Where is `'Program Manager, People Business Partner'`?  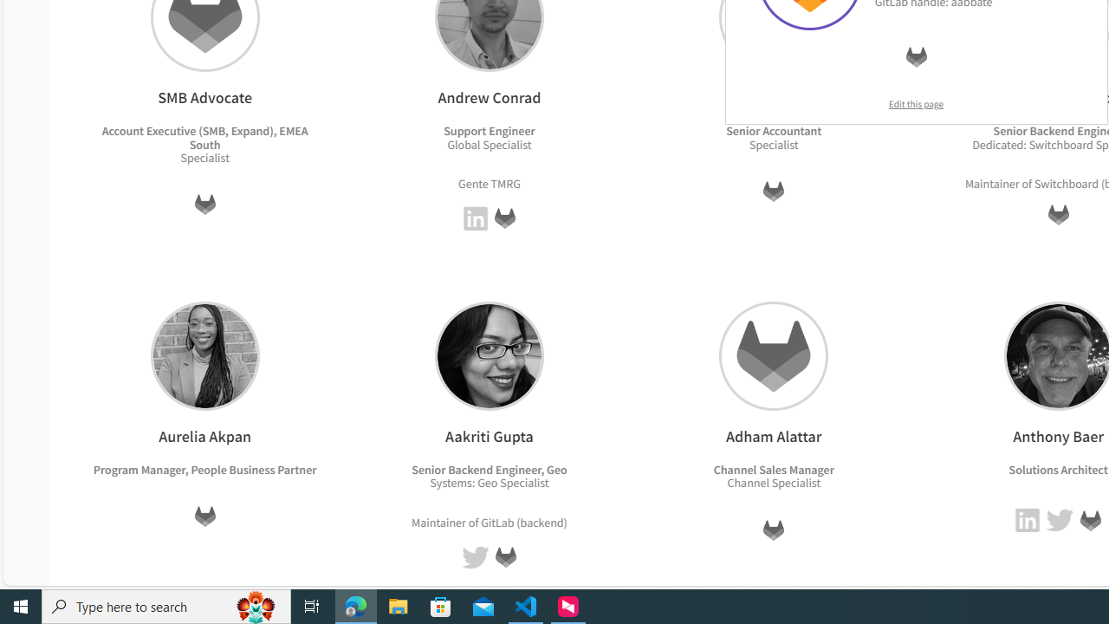
'Program Manager, People Business Partner' is located at coordinates (204, 469).